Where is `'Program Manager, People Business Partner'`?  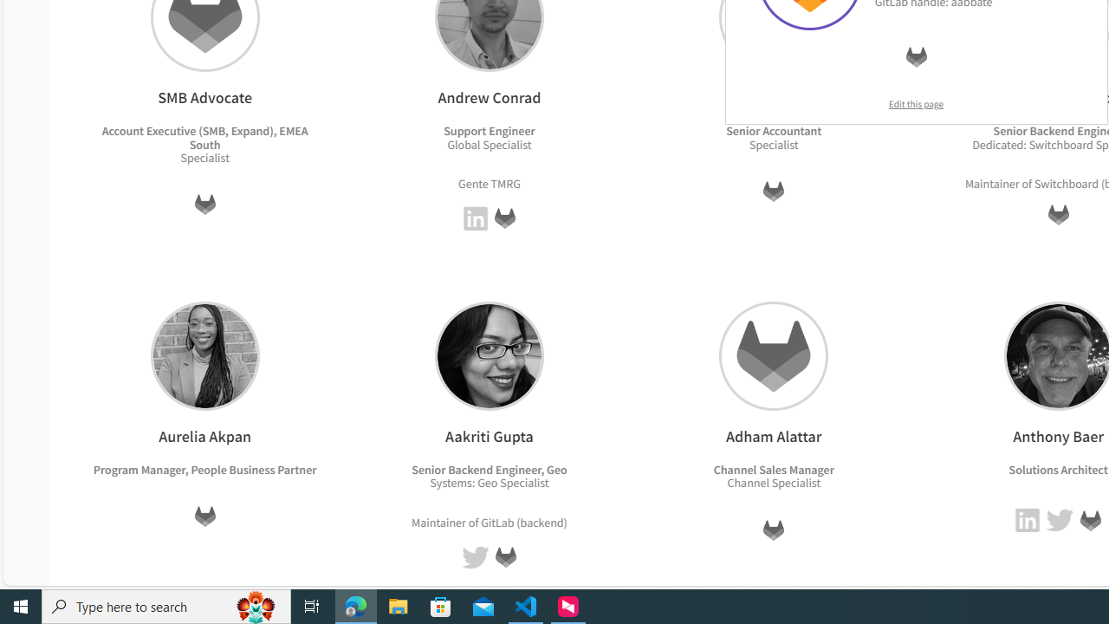
'Program Manager, People Business Partner' is located at coordinates (204, 469).